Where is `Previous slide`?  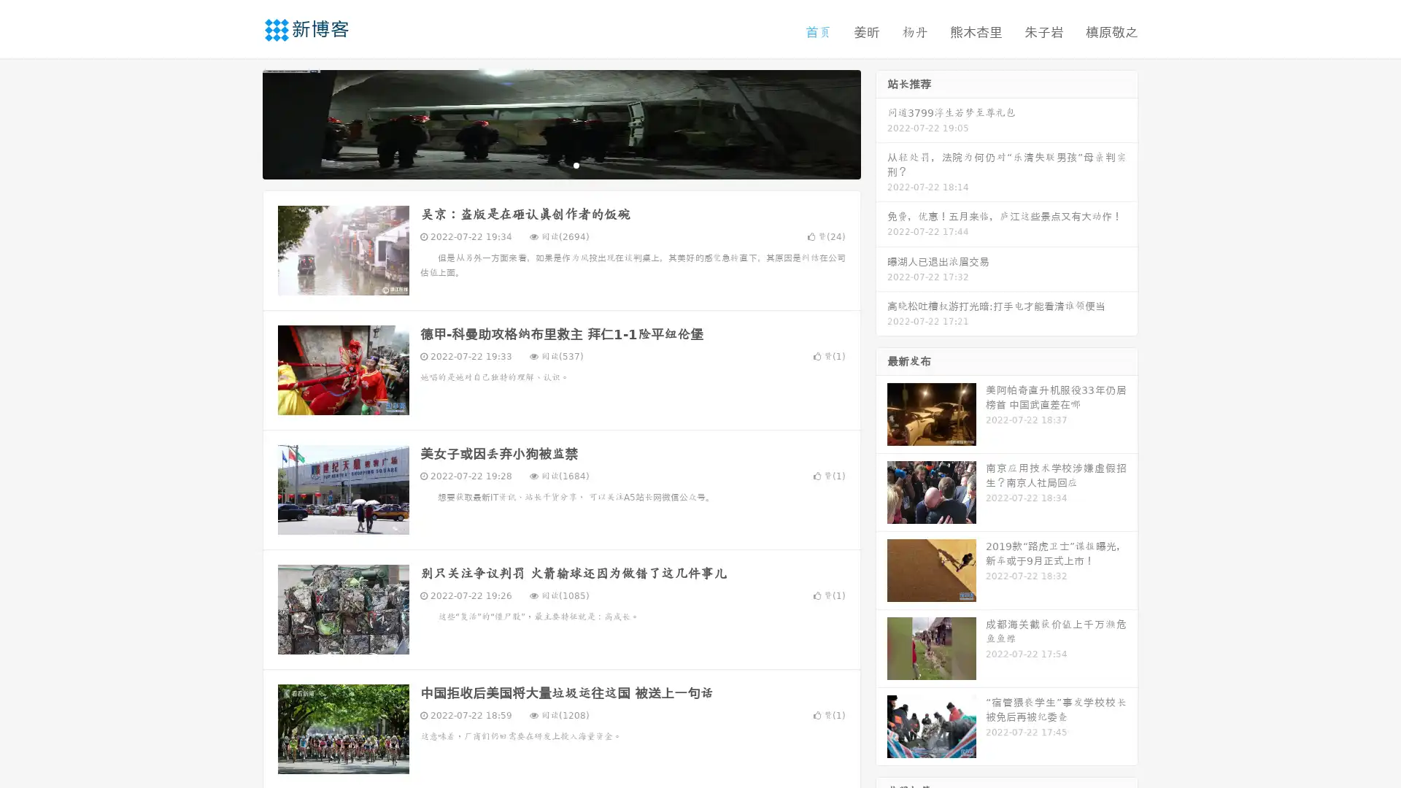 Previous slide is located at coordinates (241, 123).